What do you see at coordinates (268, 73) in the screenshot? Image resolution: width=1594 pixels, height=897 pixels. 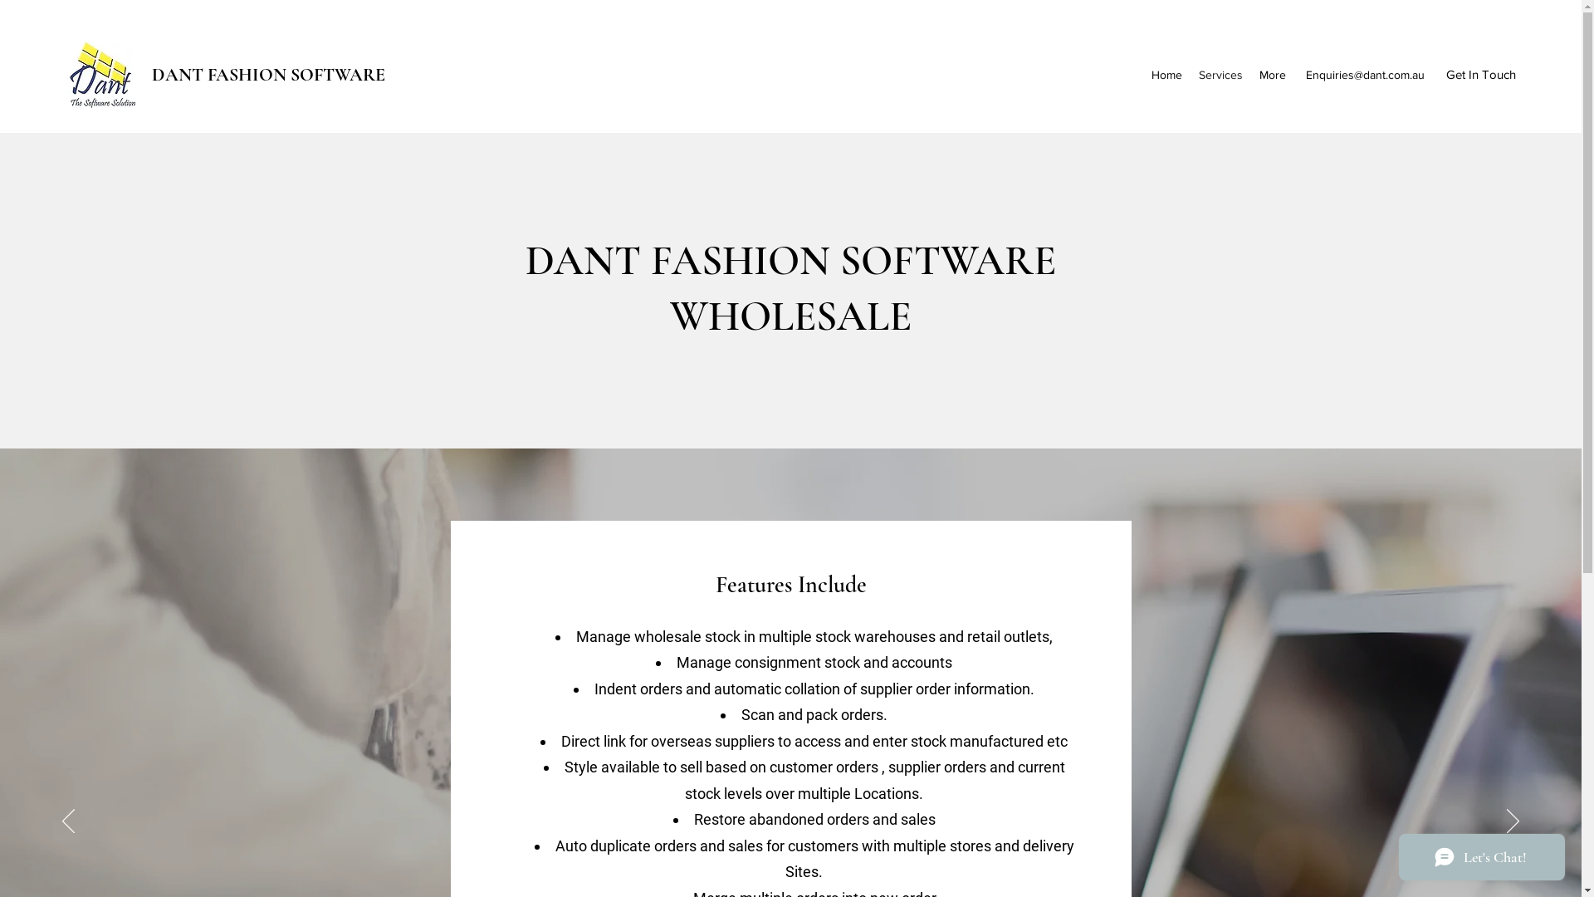 I see `'DANT FASHION SOFTWARE'` at bounding box center [268, 73].